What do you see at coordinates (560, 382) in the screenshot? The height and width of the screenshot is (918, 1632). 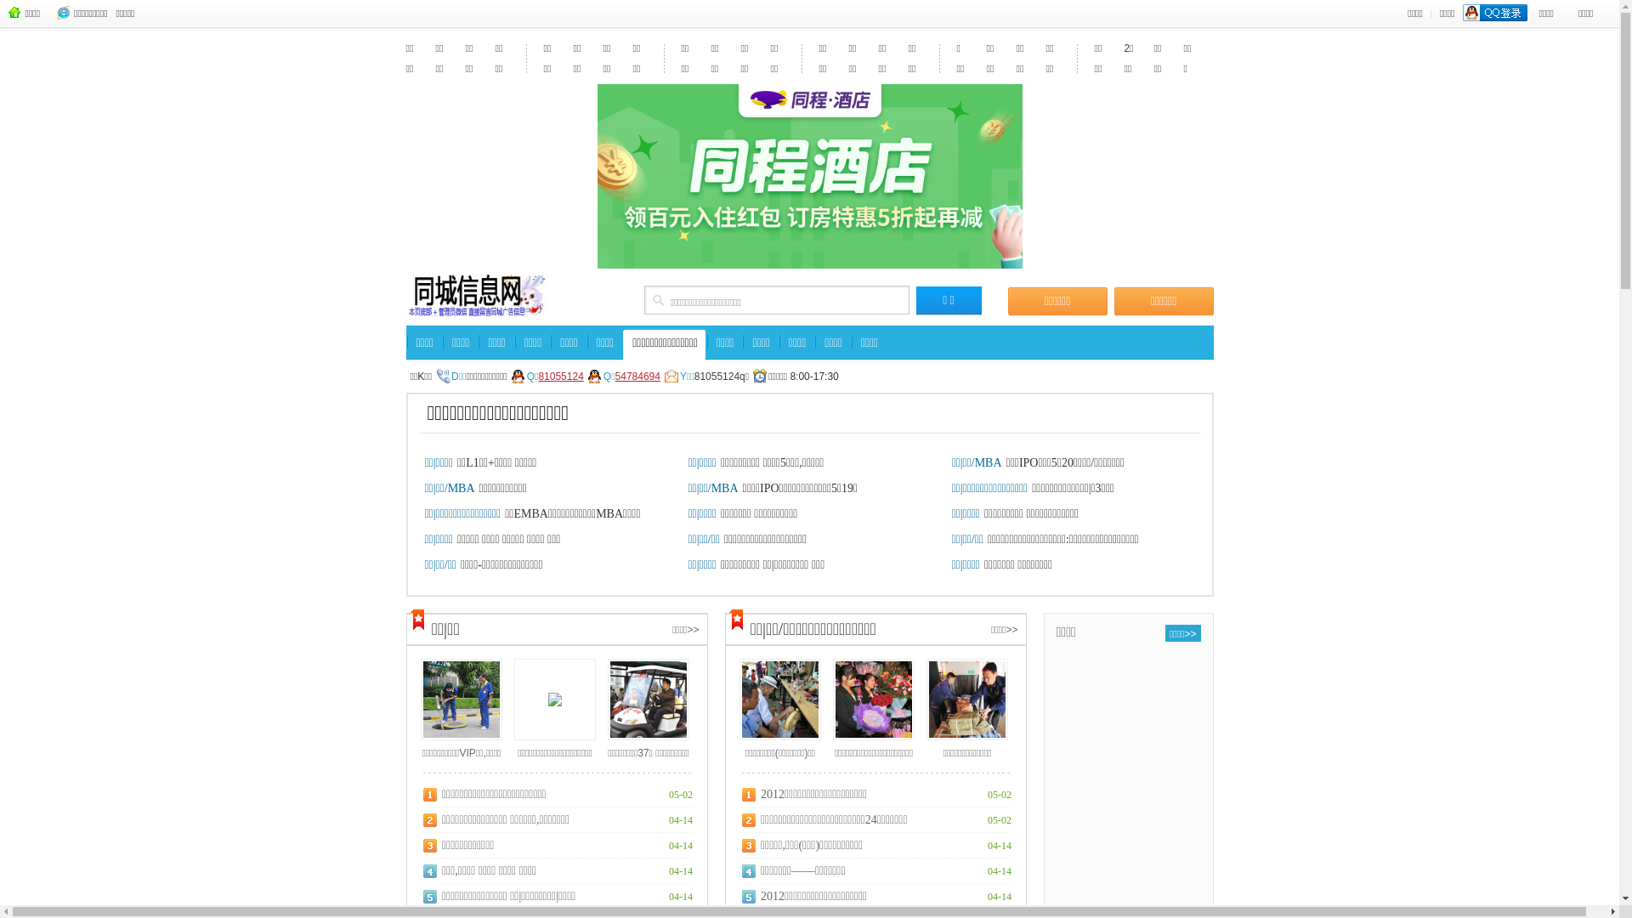 I see `'81055124'` at bounding box center [560, 382].